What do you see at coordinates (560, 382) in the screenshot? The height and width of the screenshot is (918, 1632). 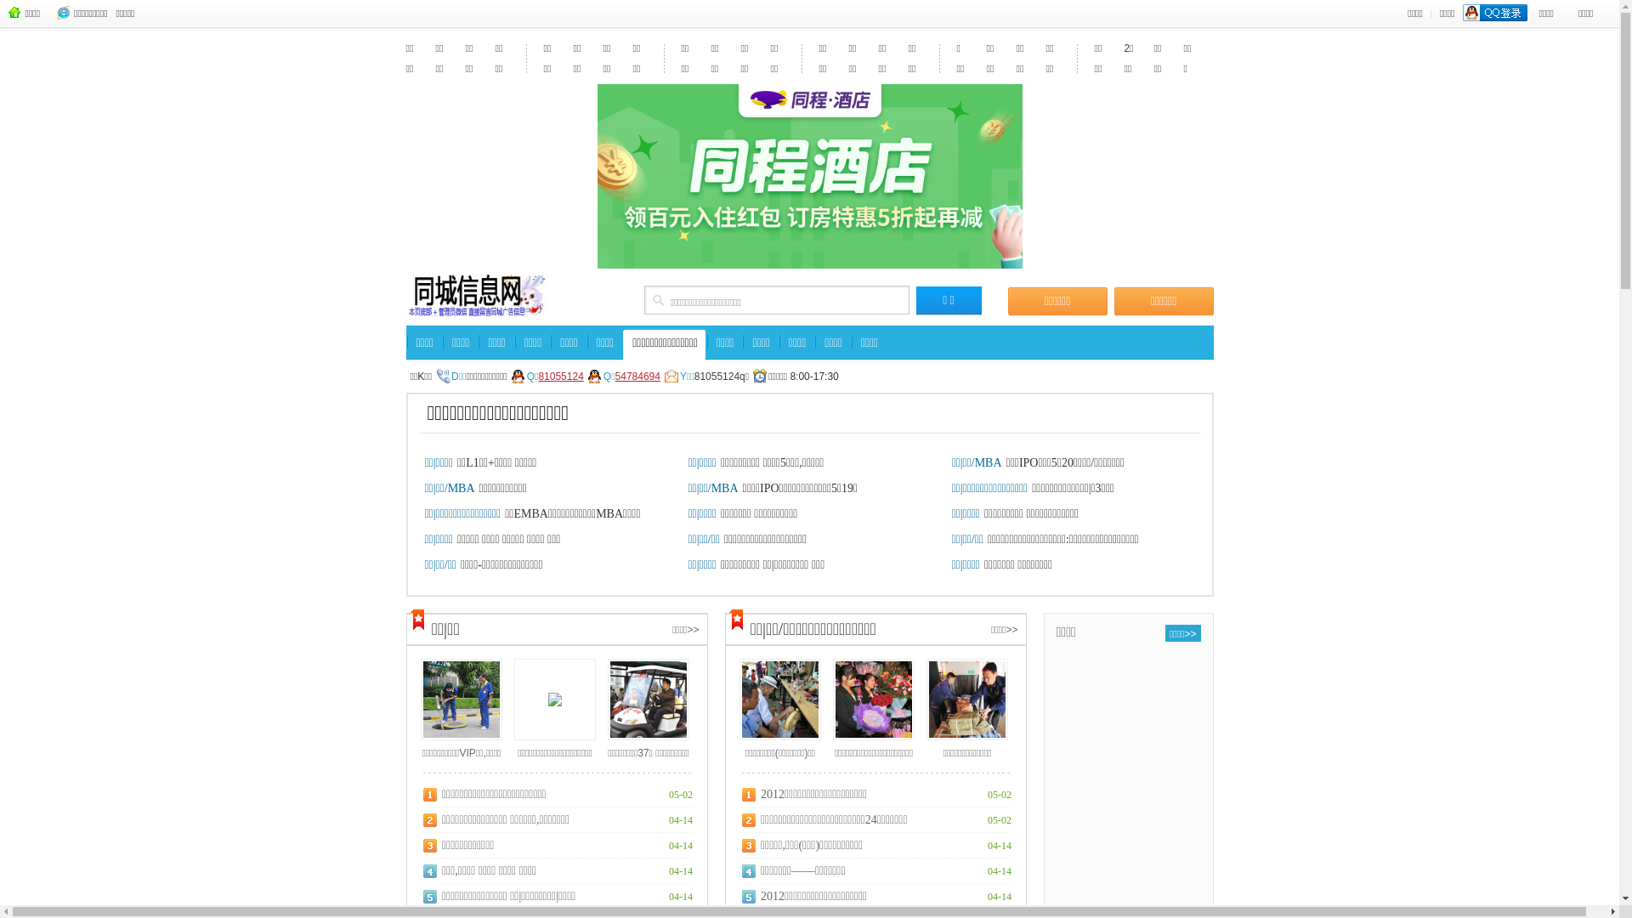 I see `'81055124'` at bounding box center [560, 382].